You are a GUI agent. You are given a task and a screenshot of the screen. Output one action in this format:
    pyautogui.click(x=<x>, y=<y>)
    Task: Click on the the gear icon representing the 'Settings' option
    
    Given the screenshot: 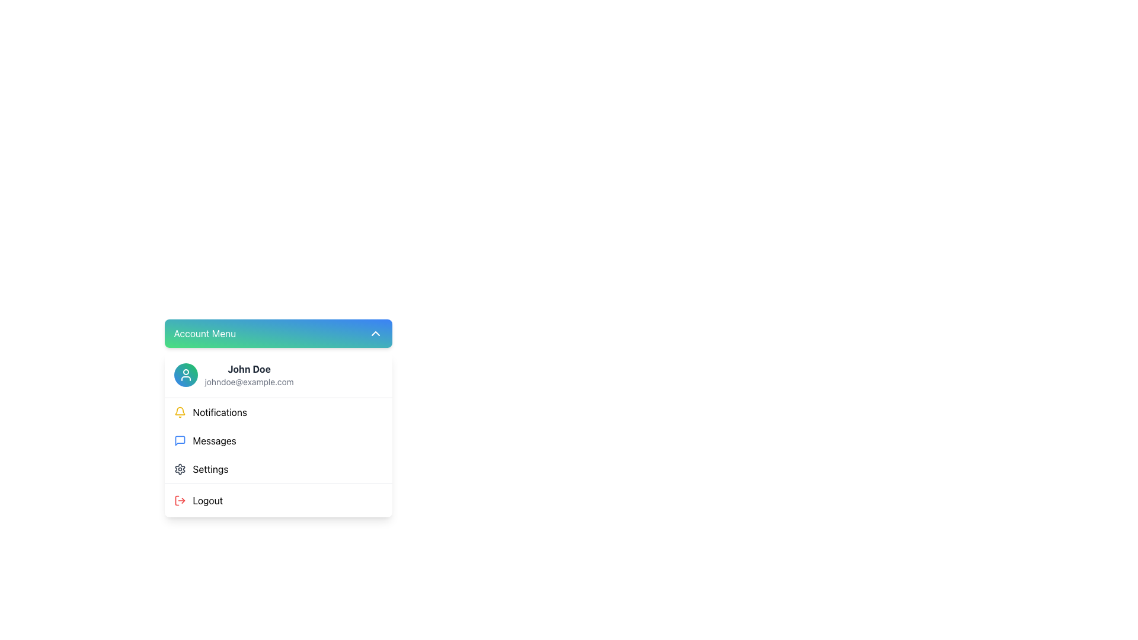 What is the action you would take?
    pyautogui.click(x=179, y=468)
    